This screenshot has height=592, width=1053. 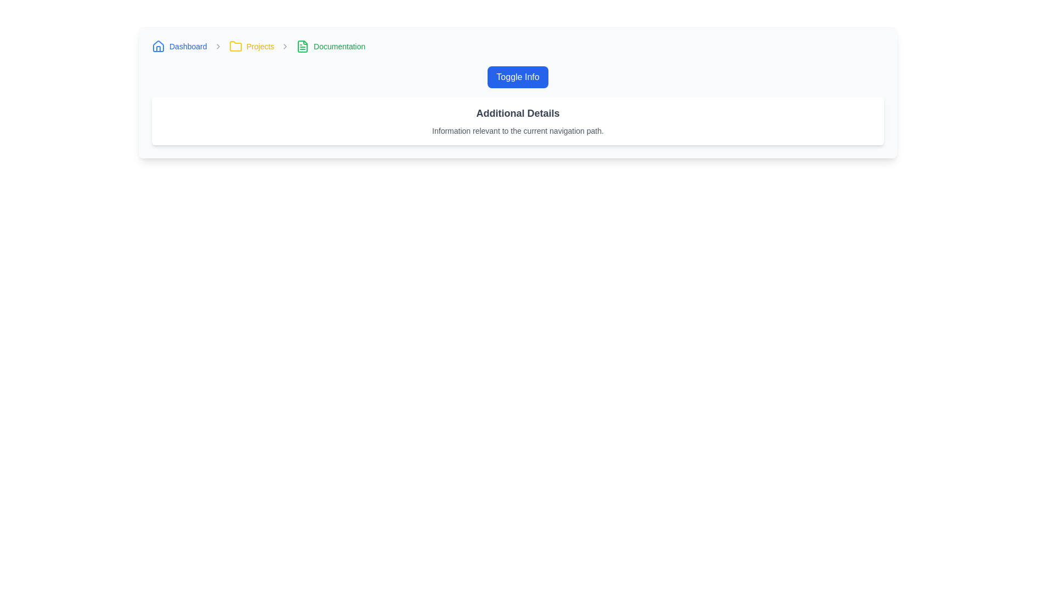 What do you see at coordinates (157, 48) in the screenshot?
I see `the decorative graphic that represents the door of the house icon, which is a small vertical rectangle with a rounded top located at the bottom center of the house graphic` at bounding box center [157, 48].